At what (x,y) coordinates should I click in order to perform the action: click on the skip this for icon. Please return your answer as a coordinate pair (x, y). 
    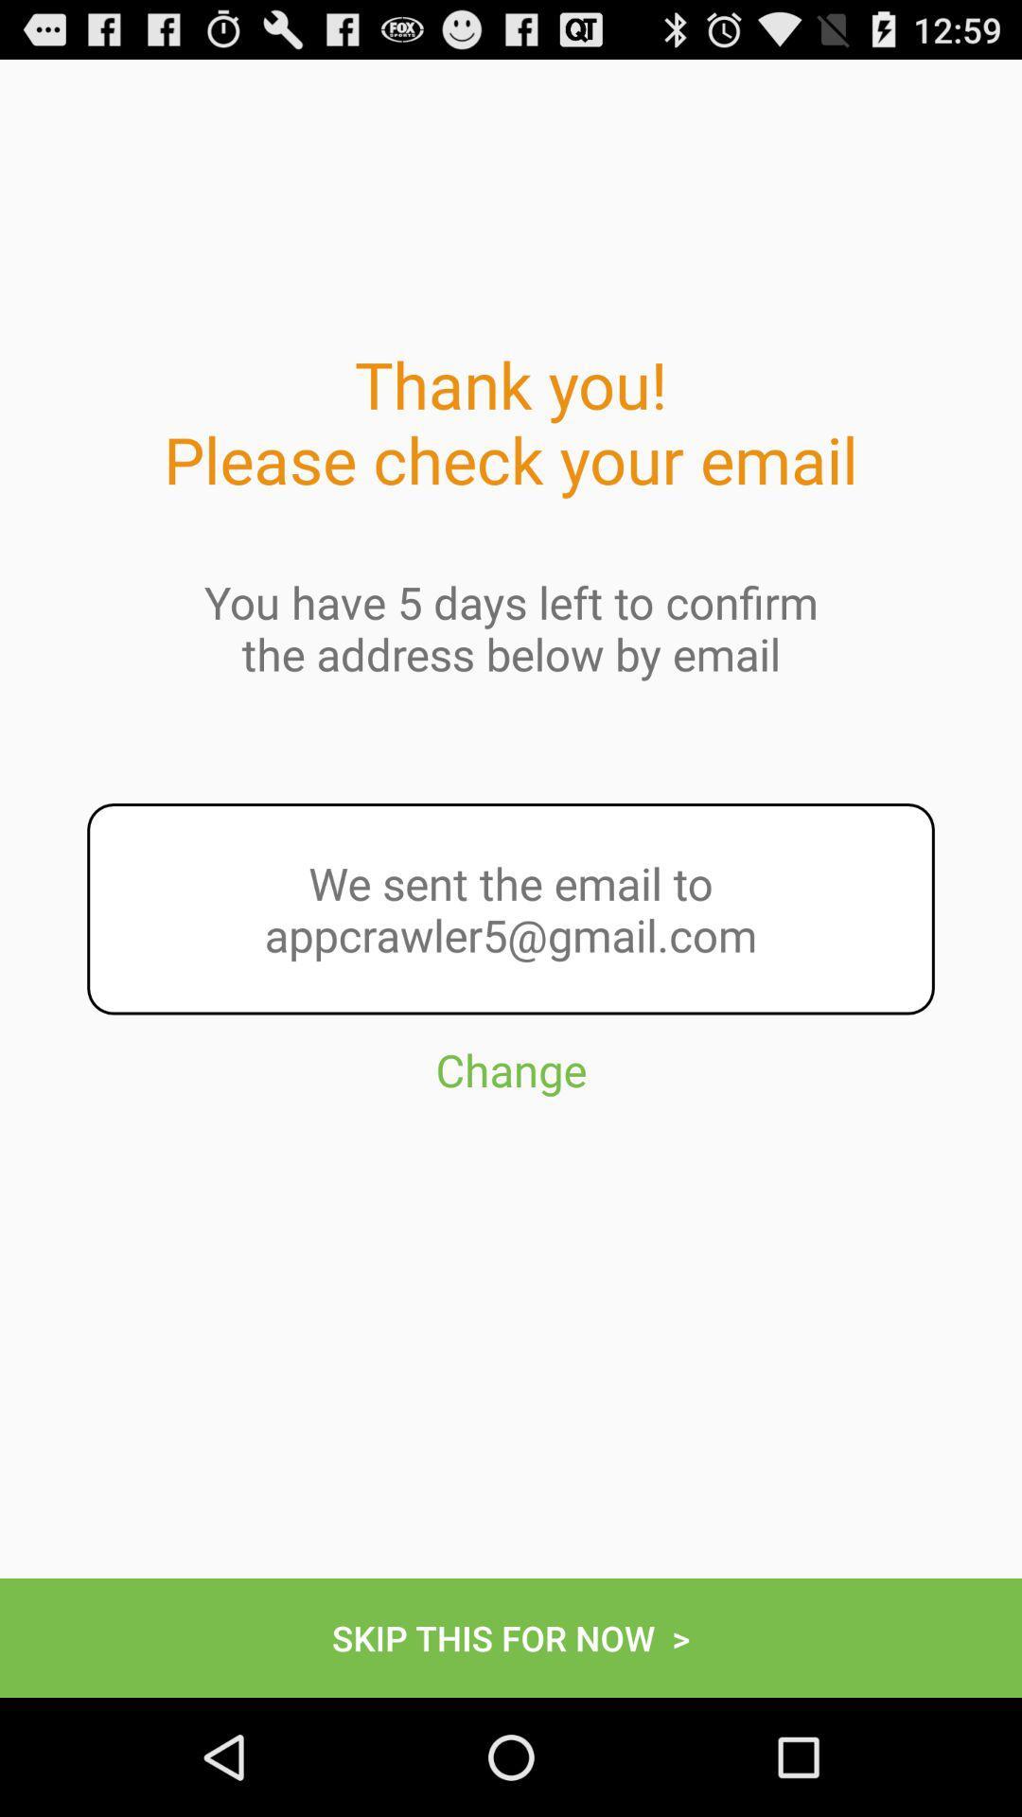
    Looking at the image, I should click on (511, 1637).